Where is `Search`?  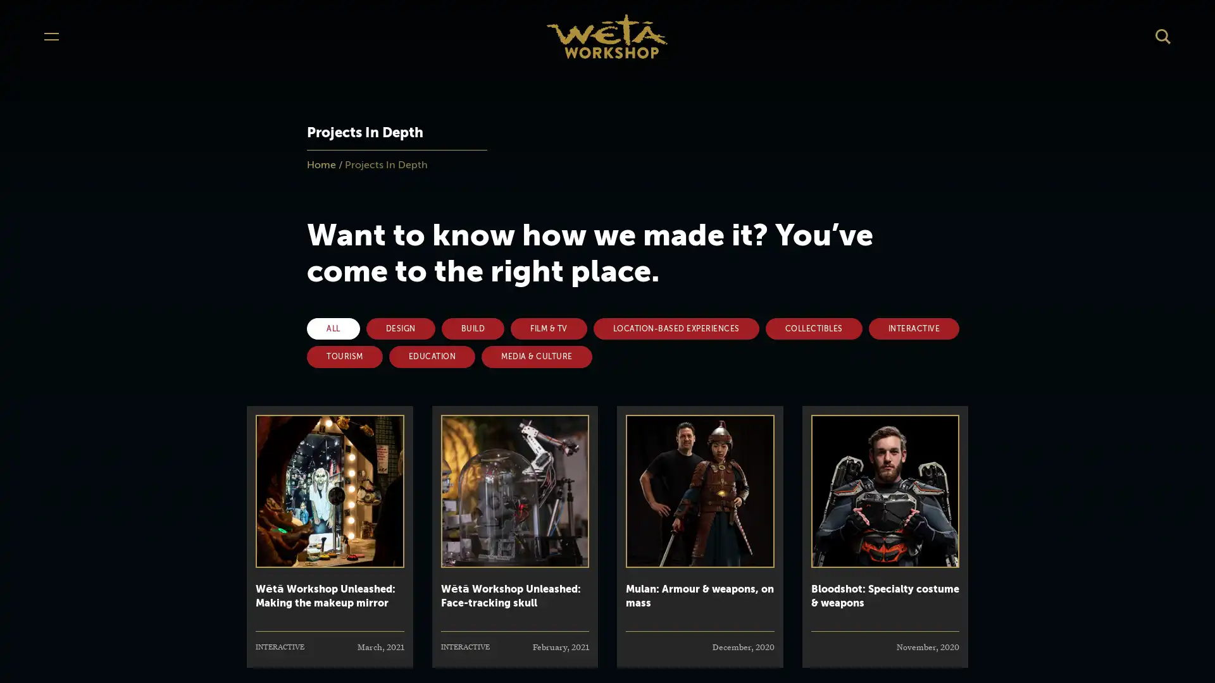 Search is located at coordinates (1163, 35).